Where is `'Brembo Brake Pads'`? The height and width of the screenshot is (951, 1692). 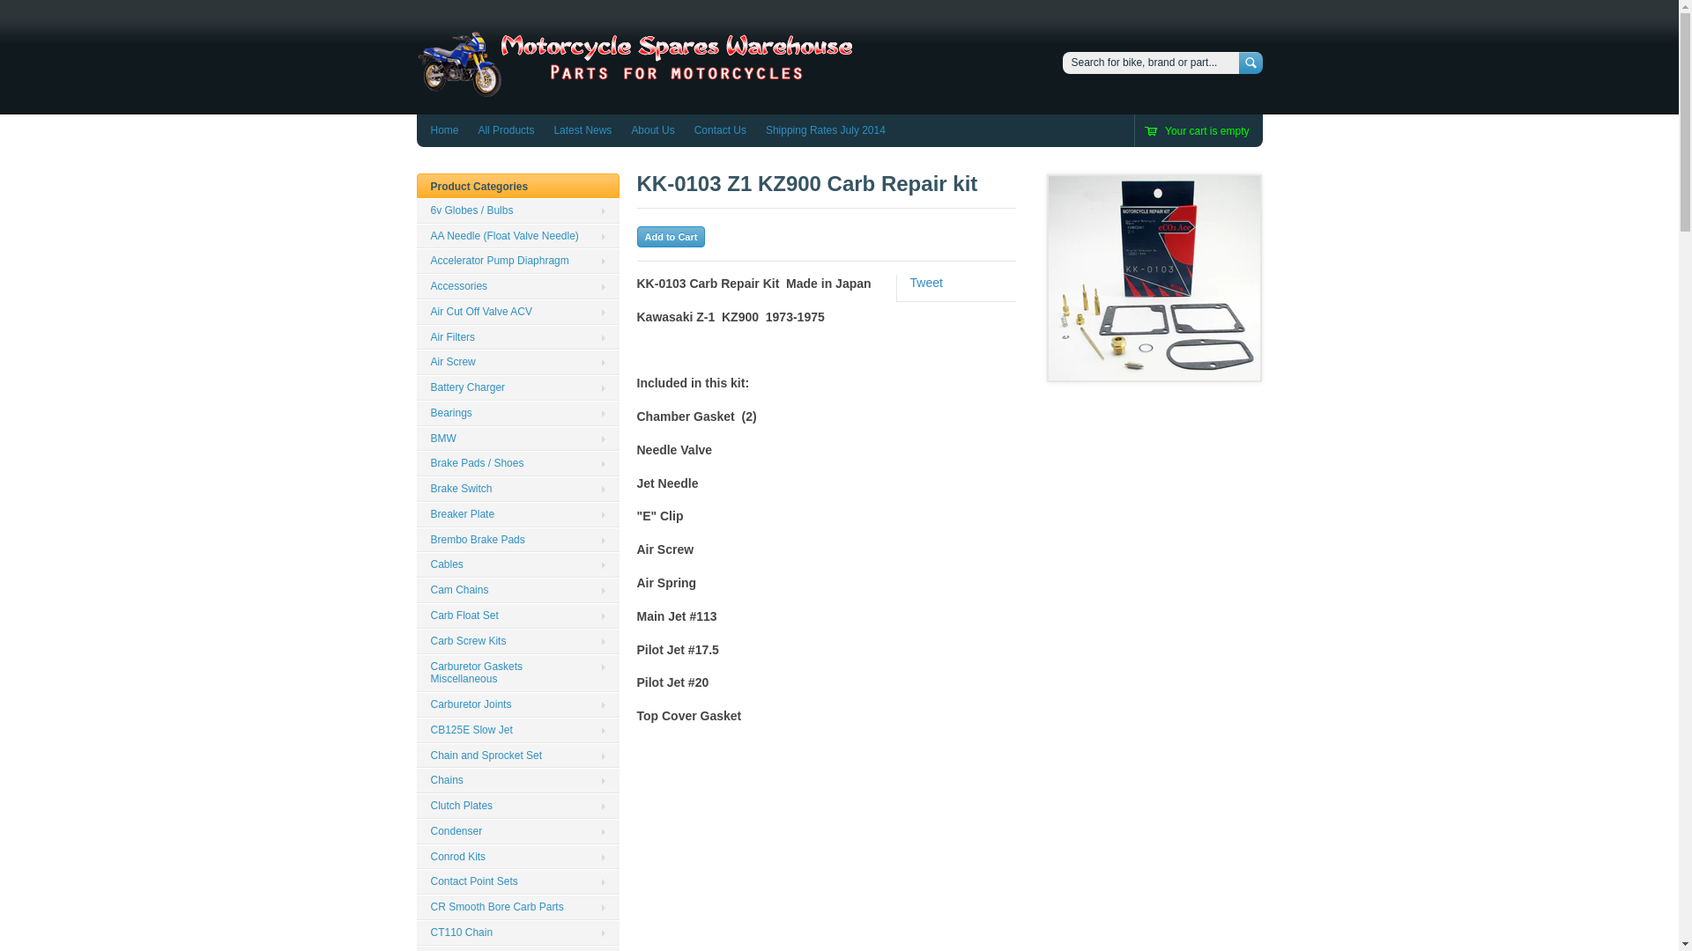
'Brembo Brake Pads' is located at coordinates (516, 539).